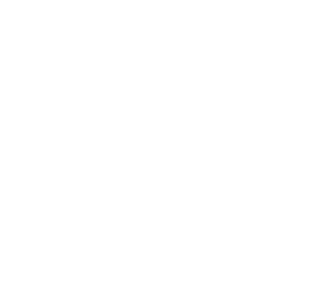  What do you see at coordinates (50, 230) in the screenshot?
I see `'Datasheet:'` at bounding box center [50, 230].